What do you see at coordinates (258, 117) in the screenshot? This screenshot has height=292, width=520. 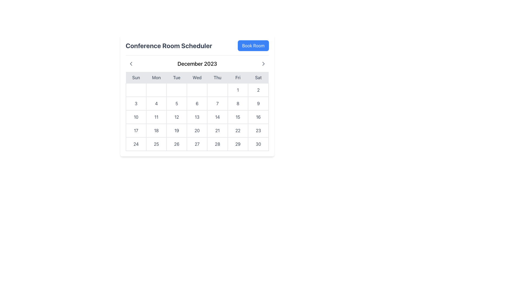 I see `the selectable date cell representing the day '16' in the calendar interface` at bounding box center [258, 117].